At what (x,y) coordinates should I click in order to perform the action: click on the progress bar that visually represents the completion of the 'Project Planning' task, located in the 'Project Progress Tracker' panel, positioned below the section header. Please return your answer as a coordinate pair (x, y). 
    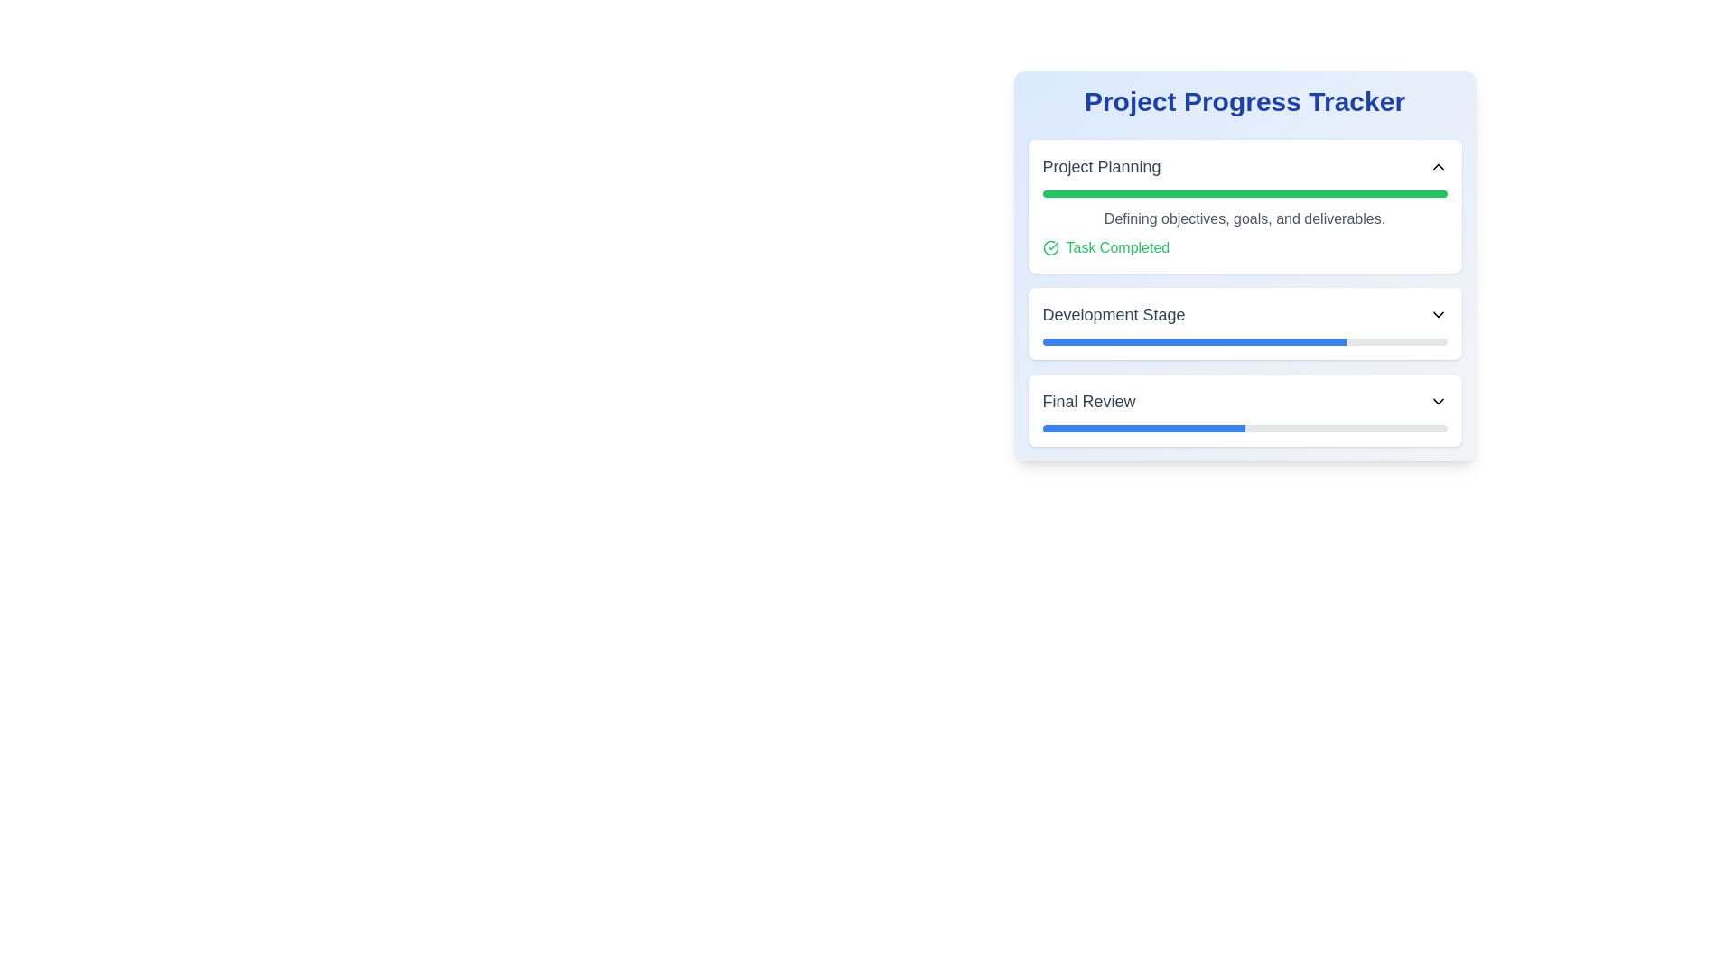
    Looking at the image, I should click on (1244, 194).